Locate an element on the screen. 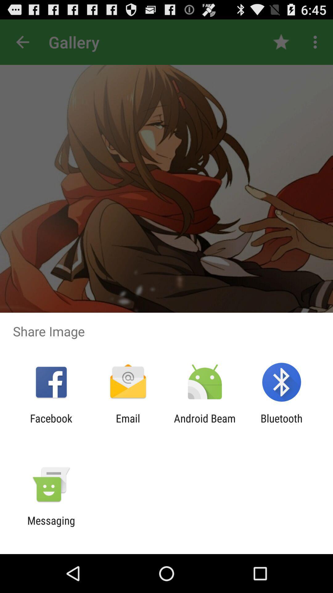 Image resolution: width=333 pixels, height=593 pixels. the icon to the right of the android beam icon is located at coordinates (282, 424).